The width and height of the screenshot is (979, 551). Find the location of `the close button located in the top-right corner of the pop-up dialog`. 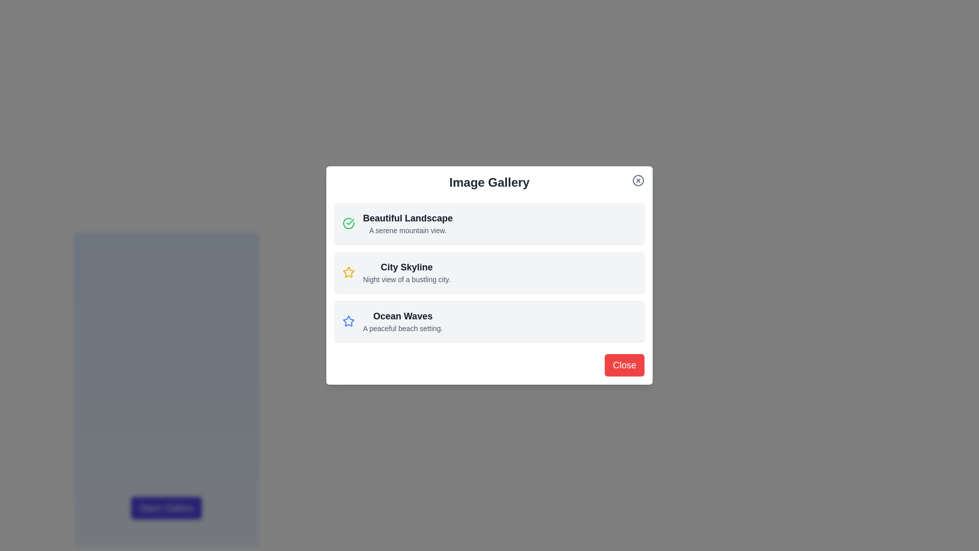

the close button located in the top-right corner of the pop-up dialog is located at coordinates (638, 180).